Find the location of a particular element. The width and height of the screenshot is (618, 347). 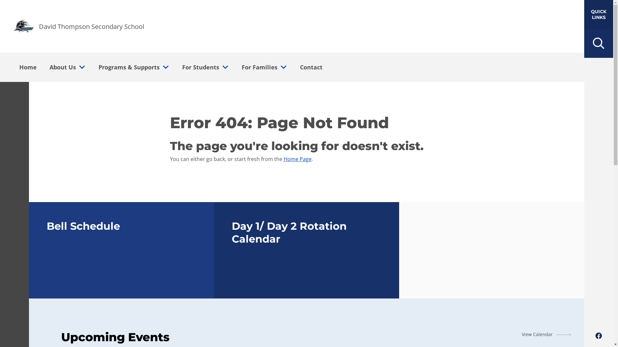

'Facebook' is located at coordinates (598, 335).